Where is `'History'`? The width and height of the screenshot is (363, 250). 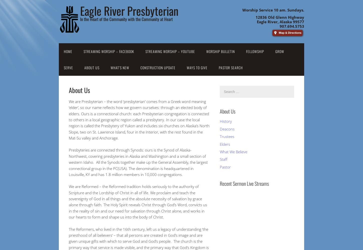 'History' is located at coordinates (226, 121).